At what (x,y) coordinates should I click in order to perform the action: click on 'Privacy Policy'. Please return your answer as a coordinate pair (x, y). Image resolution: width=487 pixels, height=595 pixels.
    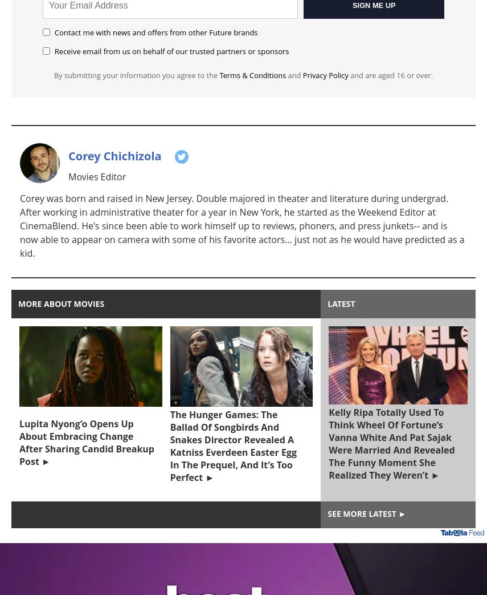
    Looking at the image, I should click on (324, 75).